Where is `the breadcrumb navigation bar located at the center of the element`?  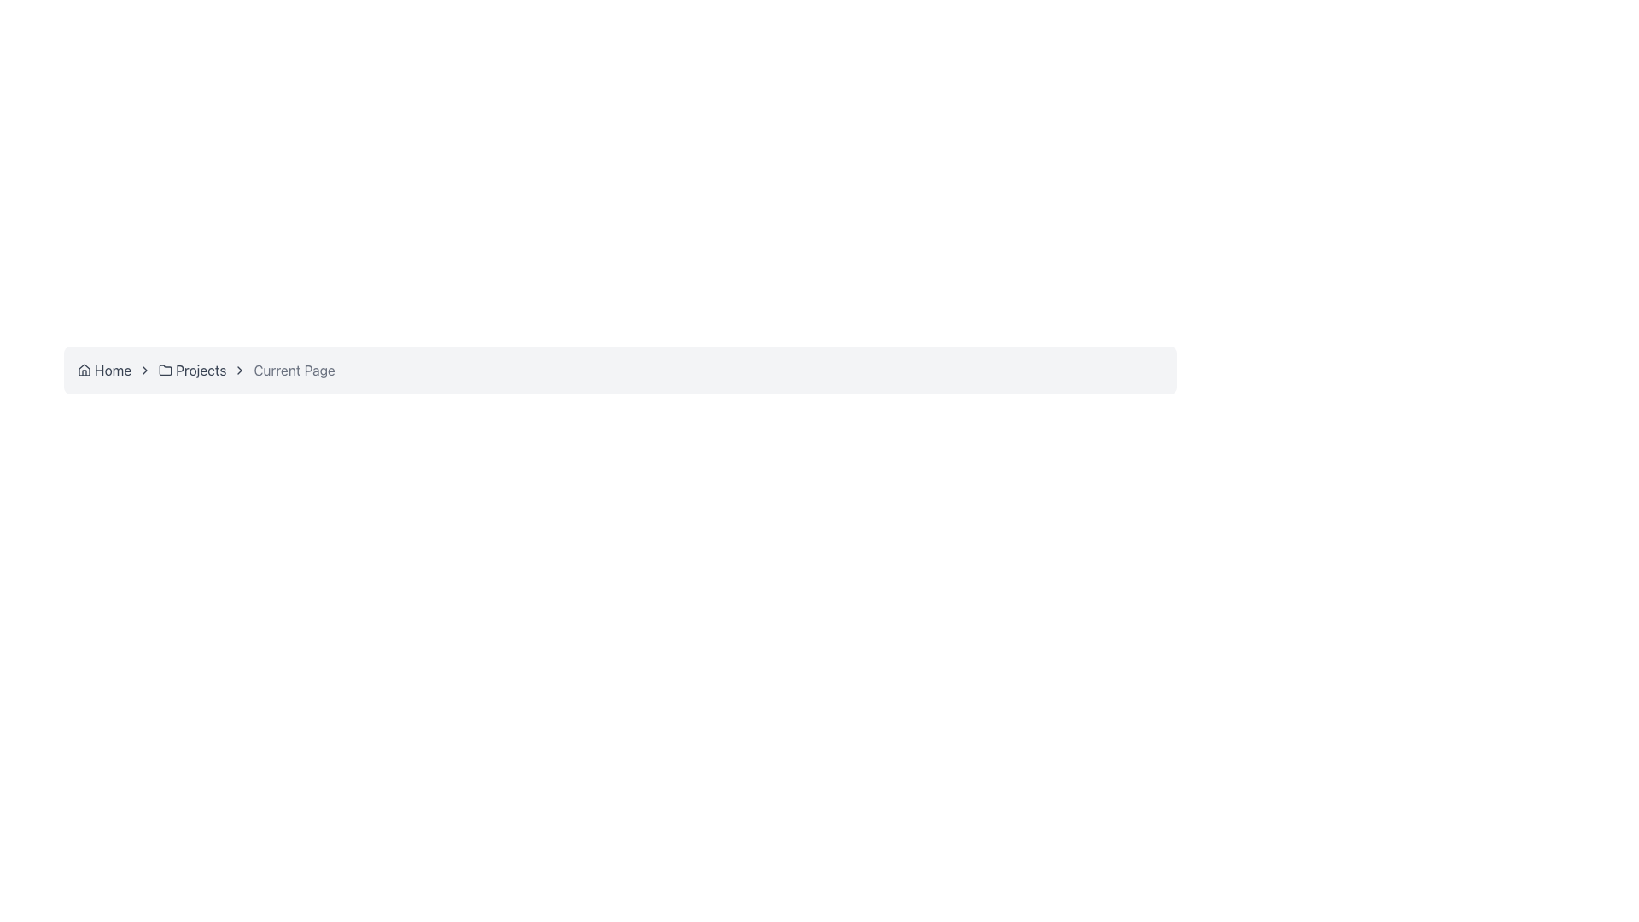
the breadcrumb navigation bar located at the center of the element is located at coordinates (619, 370).